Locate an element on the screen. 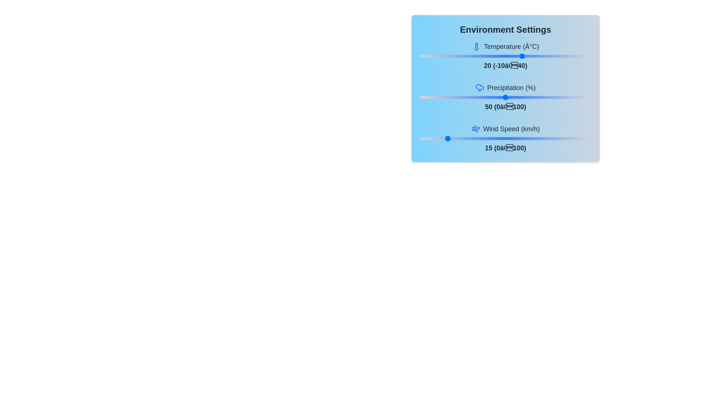  the temperature is located at coordinates (543, 56).